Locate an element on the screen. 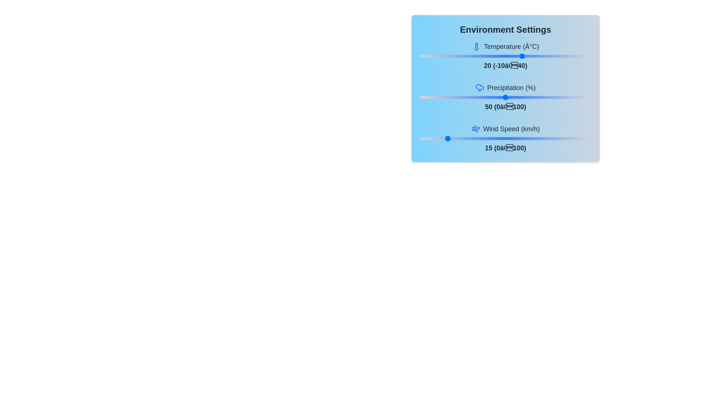  the temperature is located at coordinates (543, 56).